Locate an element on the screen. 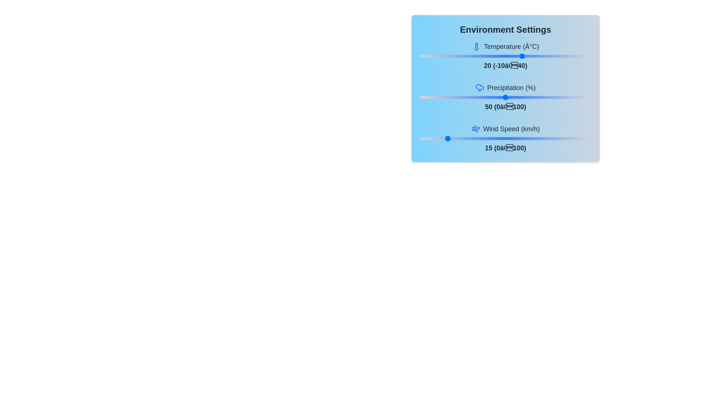  the temperature is located at coordinates (543, 56).